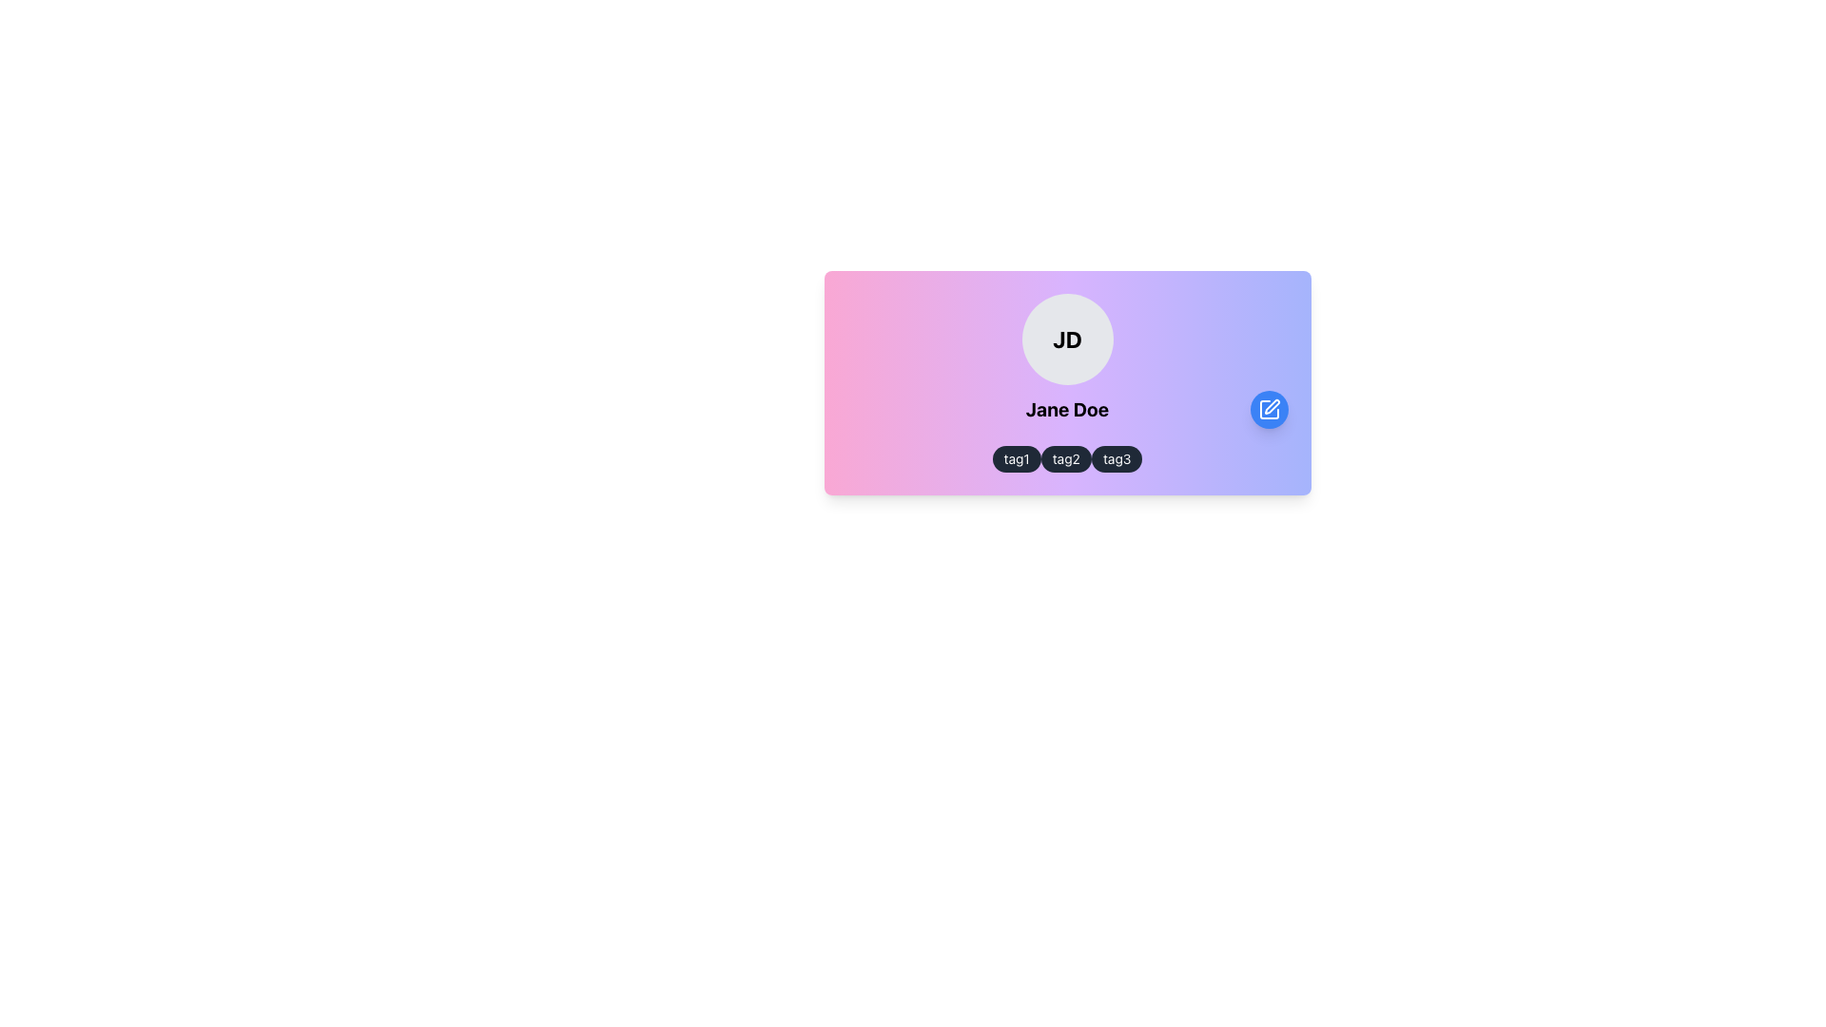 The width and height of the screenshot is (1826, 1027). I want to click on text displayed as 'Jane Doe', which is bold and larger font, centrally aligned beneath a circular avatar and above a row of tags, so click(1067, 409).